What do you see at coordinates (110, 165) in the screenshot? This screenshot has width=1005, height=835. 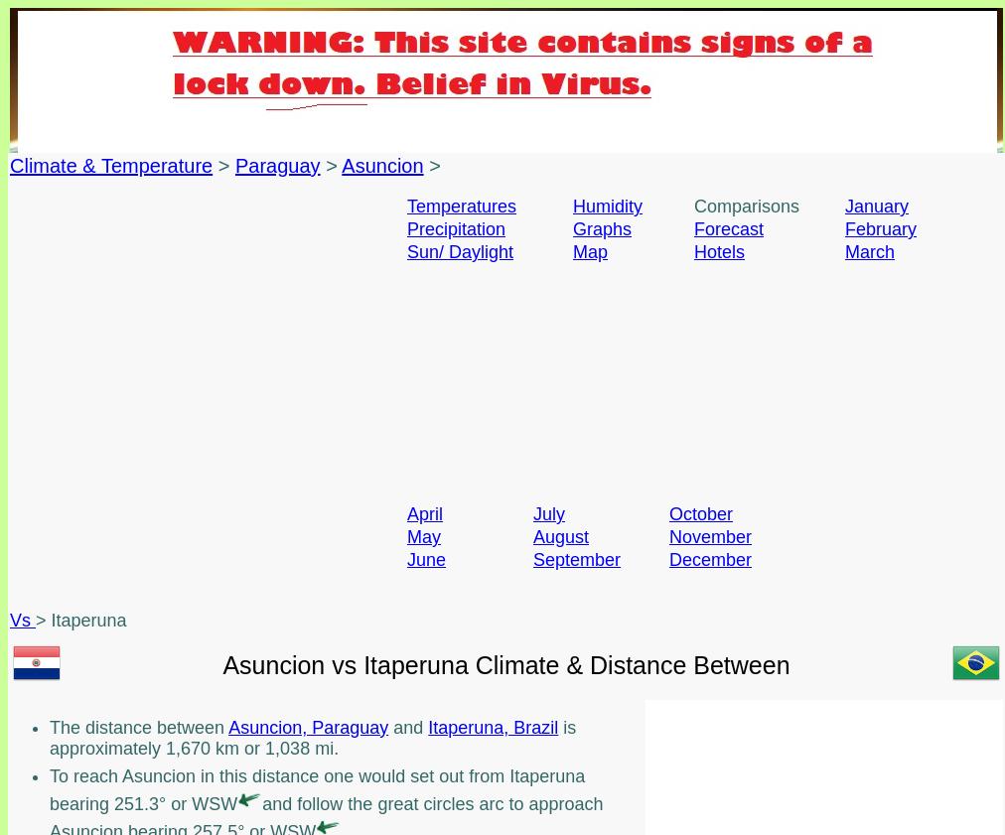 I see `'Climate & Temperature'` at bounding box center [110, 165].